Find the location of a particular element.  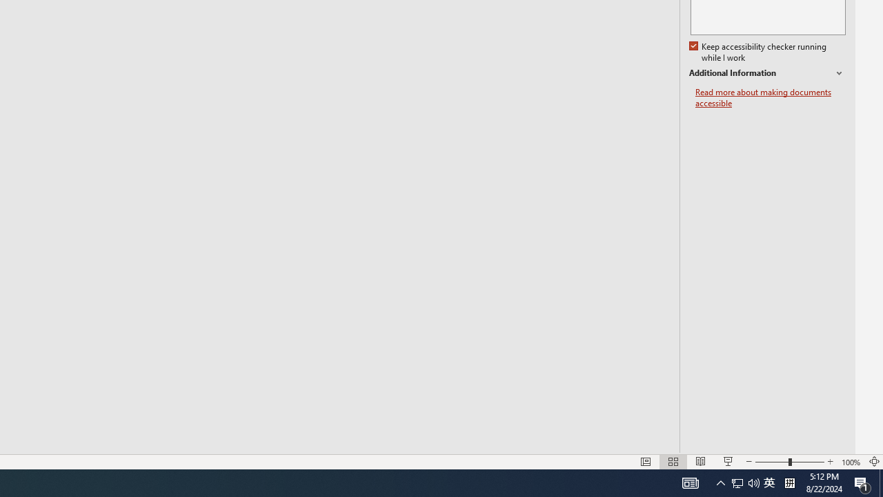

'Read more about making documents accessible' is located at coordinates (770, 97).